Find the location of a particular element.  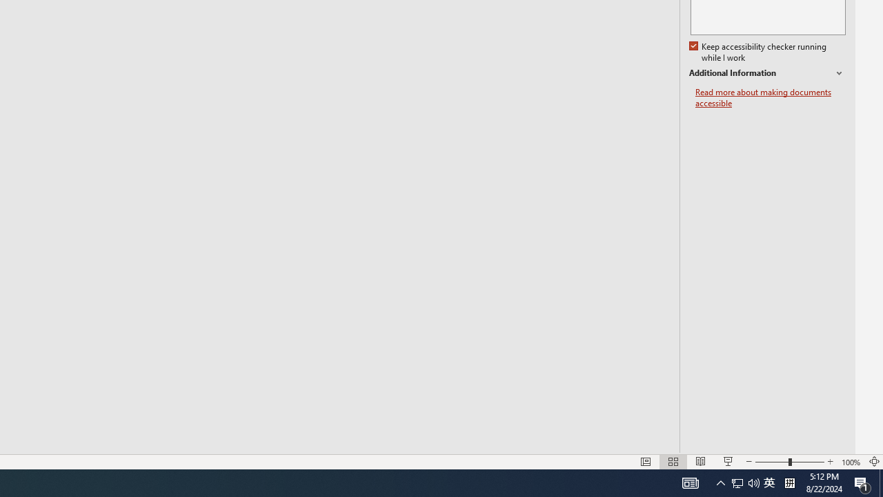

'Read more about making documents accessible' is located at coordinates (770, 97).